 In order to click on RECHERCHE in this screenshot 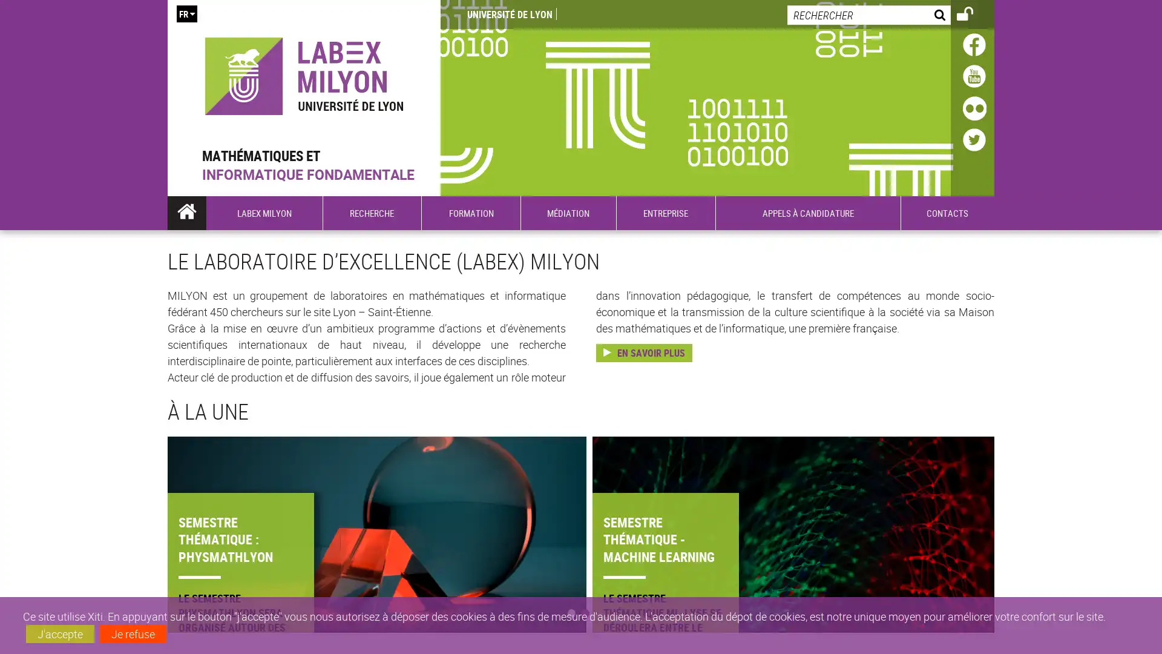, I will do `click(371, 212)`.